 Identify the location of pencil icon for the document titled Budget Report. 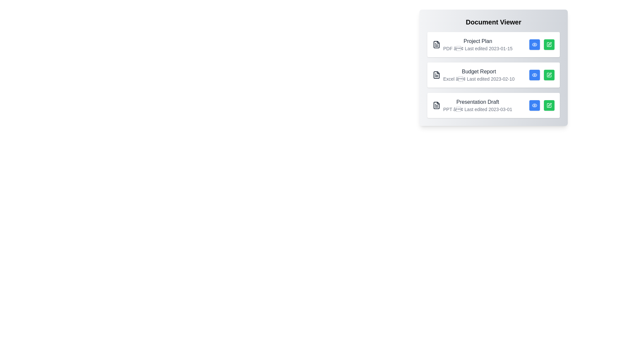
(549, 75).